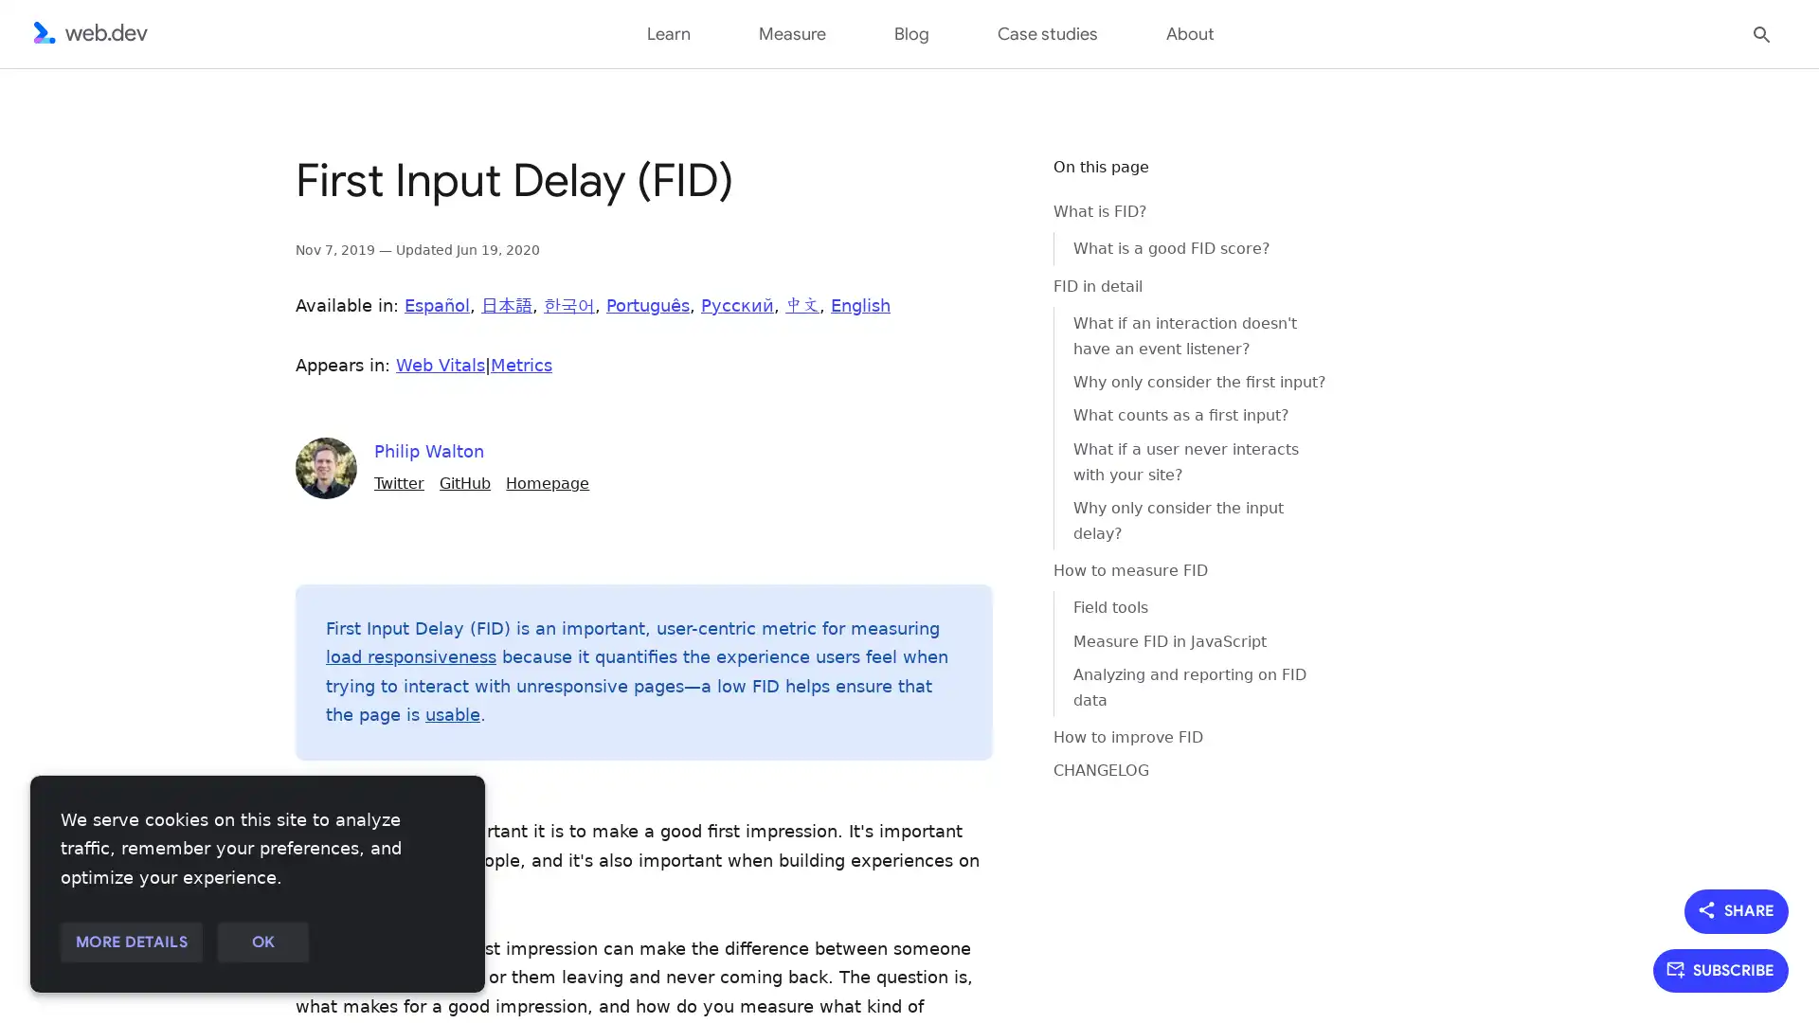 The width and height of the screenshot is (1819, 1023). I want to click on Open search, so click(1761, 32).